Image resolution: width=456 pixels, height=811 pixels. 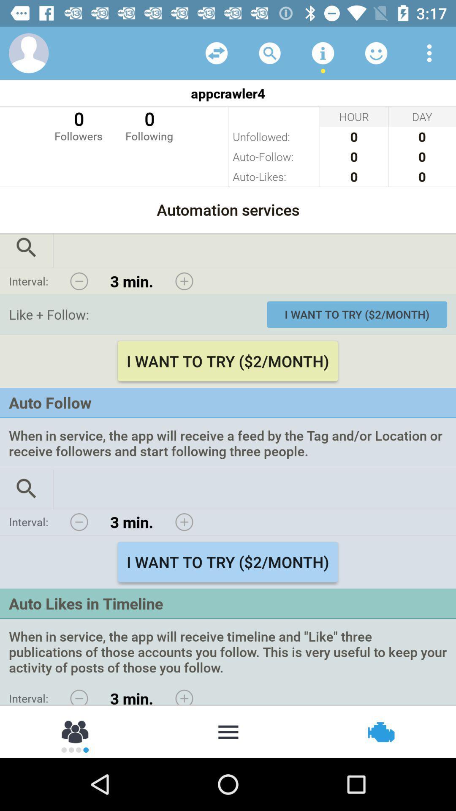 What do you see at coordinates (26, 489) in the screenshot?
I see `search it` at bounding box center [26, 489].